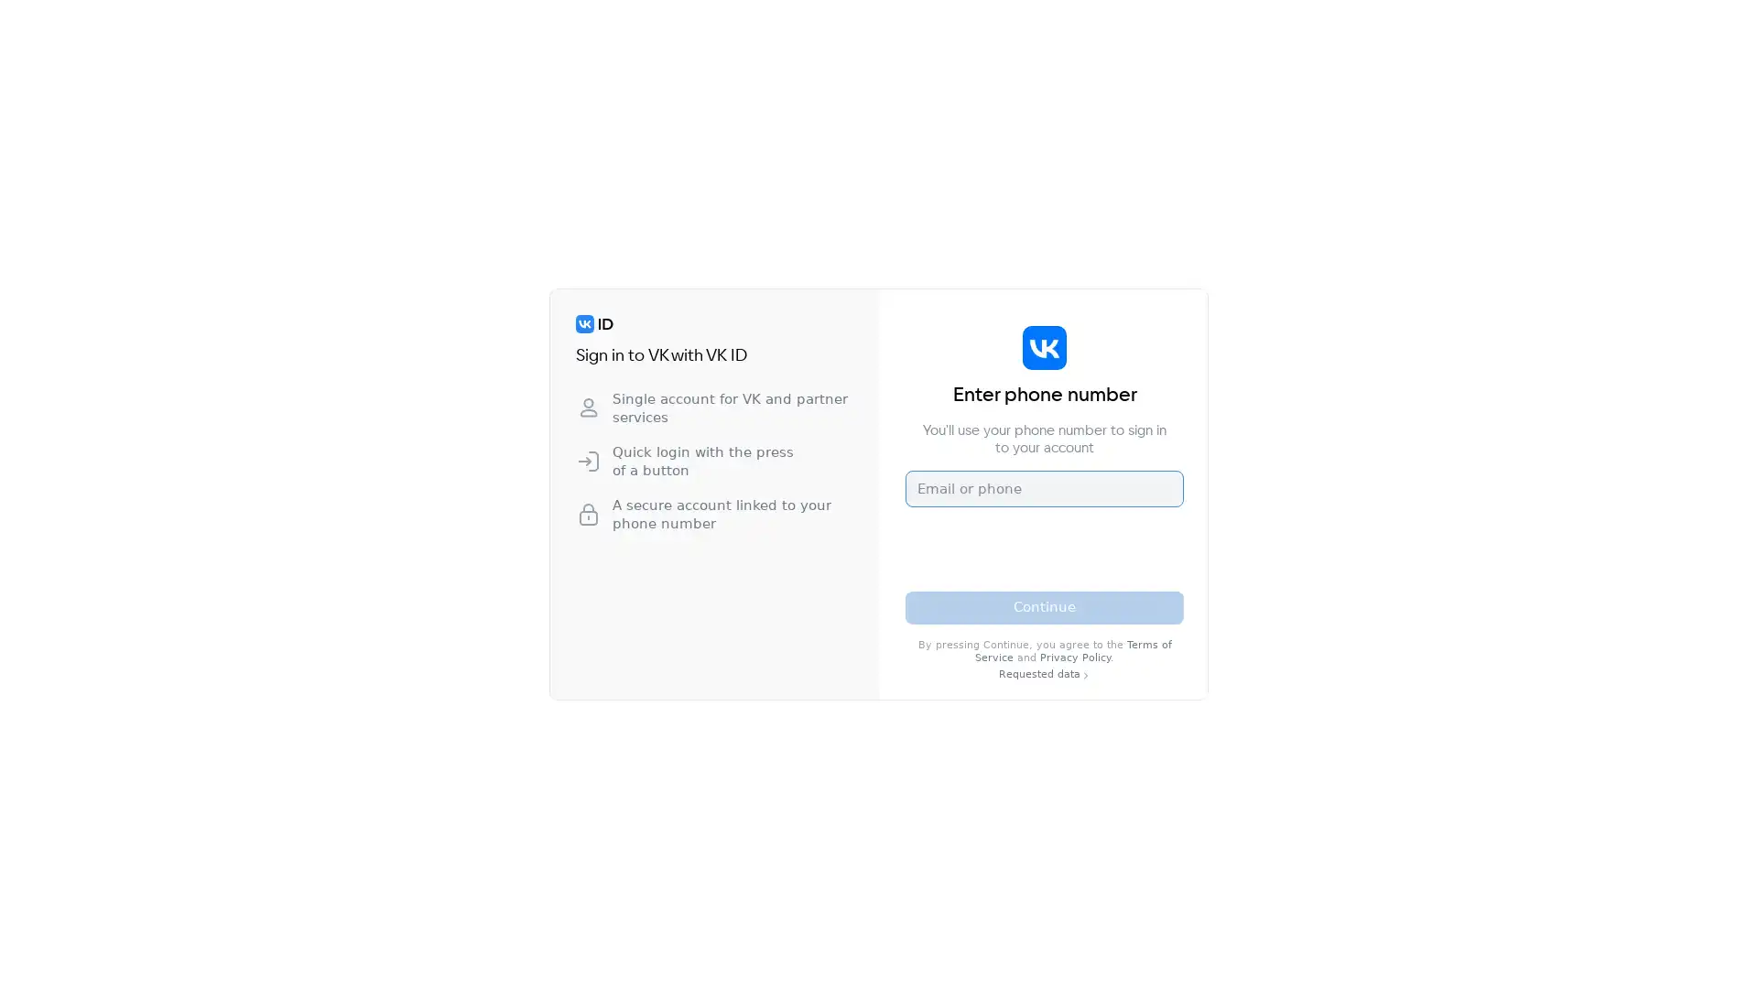  What do you see at coordinates (1045, 607) in the screenshot?
I see `Continue` at bounding box center [1045, 607].